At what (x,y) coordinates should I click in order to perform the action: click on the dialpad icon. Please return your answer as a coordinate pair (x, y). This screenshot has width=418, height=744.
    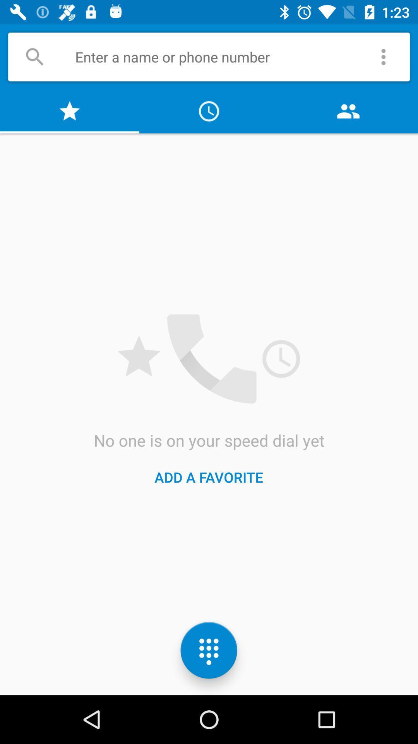
    Looking at the image, I should click on (209, 650).